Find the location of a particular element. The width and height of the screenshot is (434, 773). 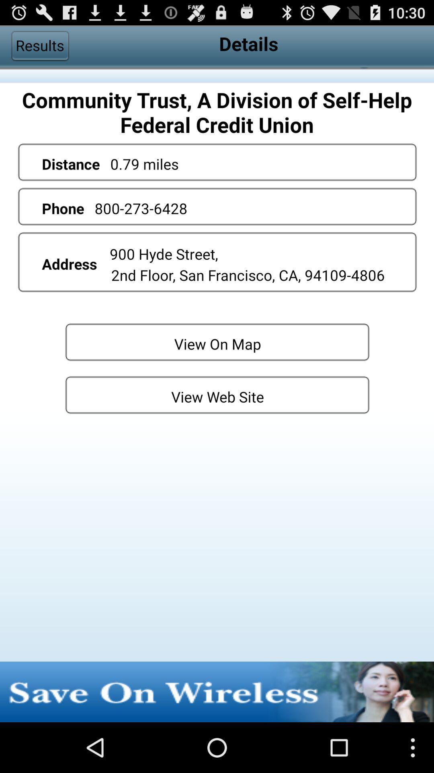

the button below the view on map button is located at coordinates (217, 395).